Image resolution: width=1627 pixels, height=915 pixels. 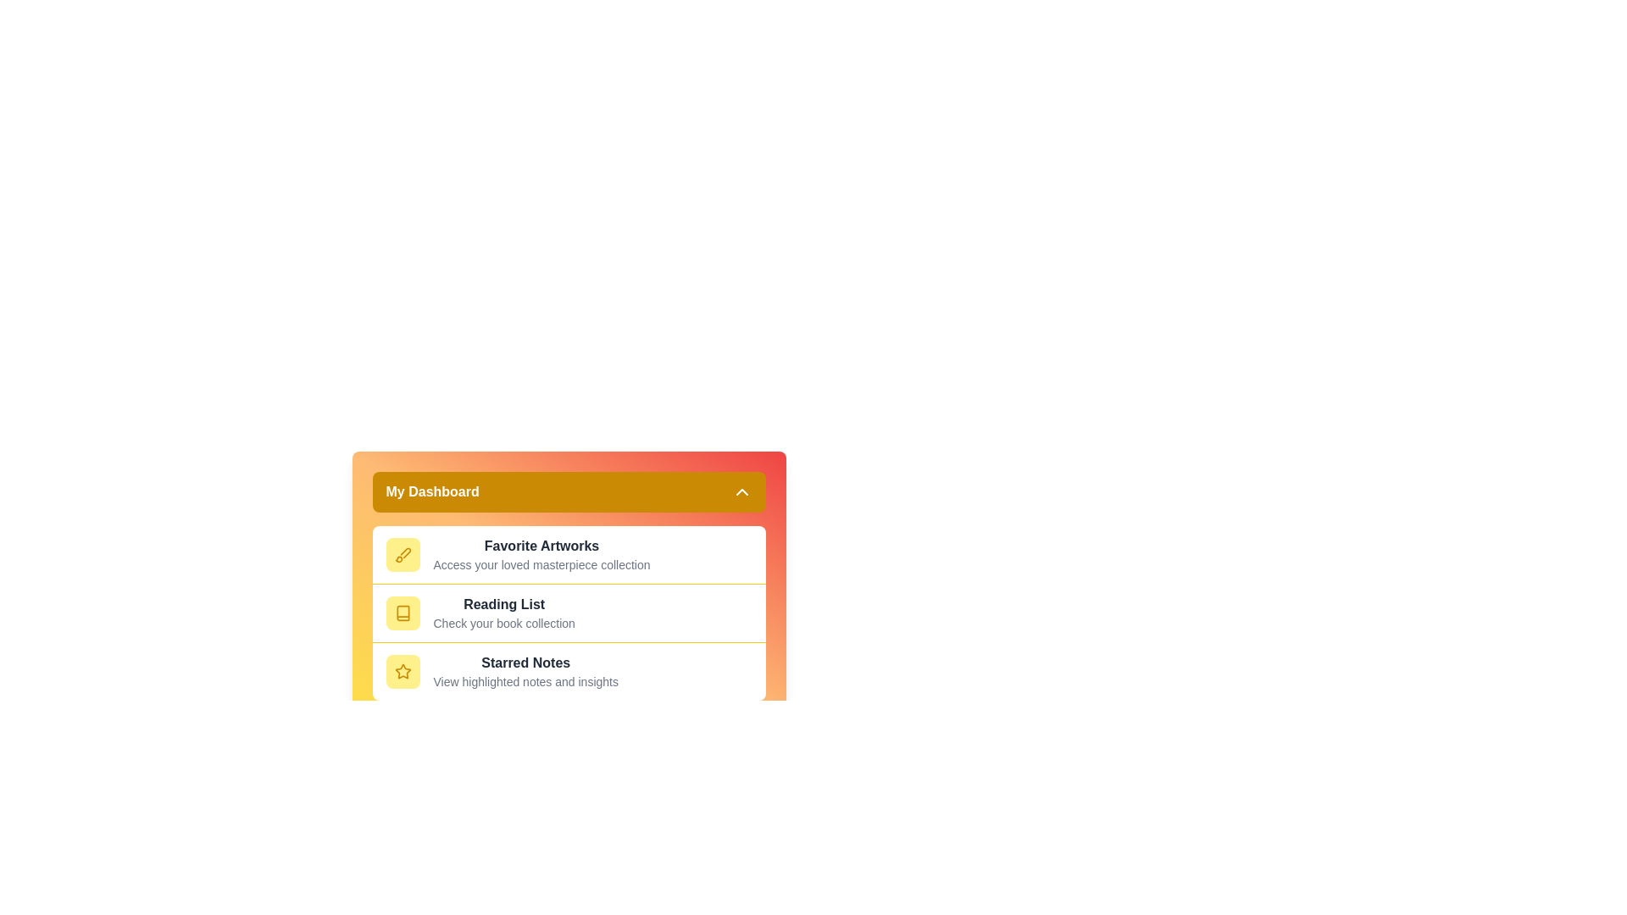 I want to click on the yellow star-shaped icon located at the bottom right of the 'Starred Notes' section in the dashboard, so click(x=402, y=671).